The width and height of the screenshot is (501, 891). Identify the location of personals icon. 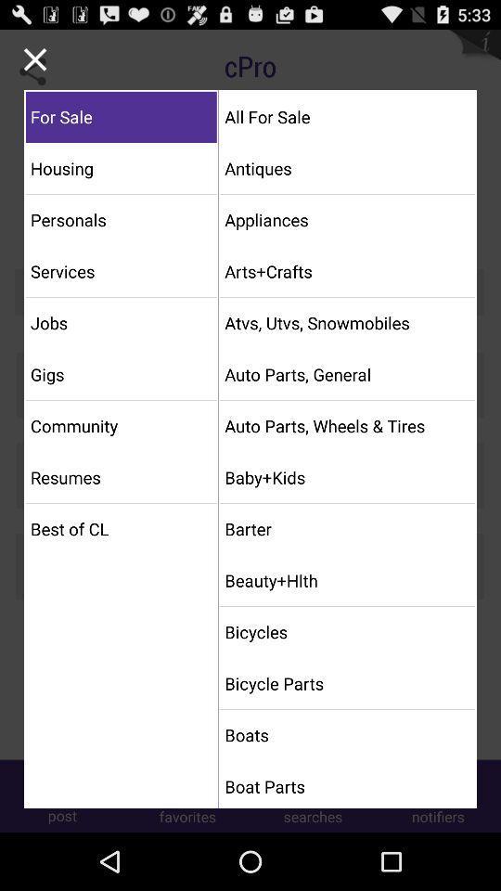
(121, 220).